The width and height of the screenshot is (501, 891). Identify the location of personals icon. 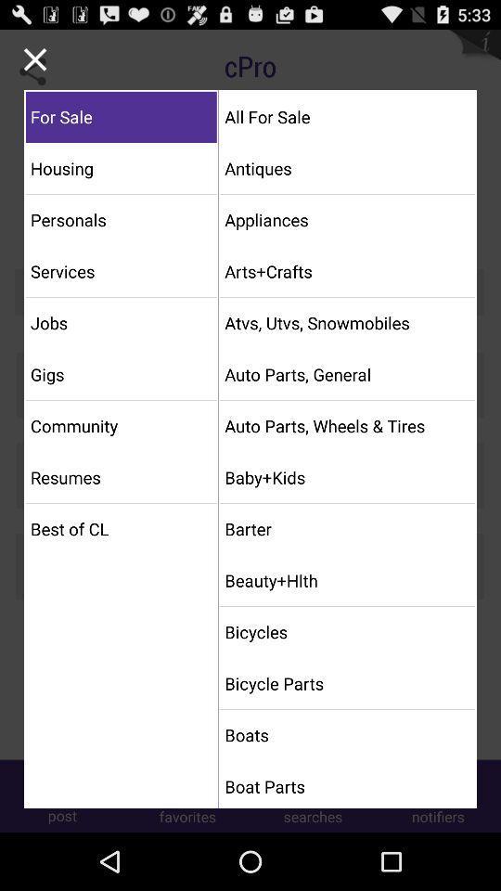
(121, 220).